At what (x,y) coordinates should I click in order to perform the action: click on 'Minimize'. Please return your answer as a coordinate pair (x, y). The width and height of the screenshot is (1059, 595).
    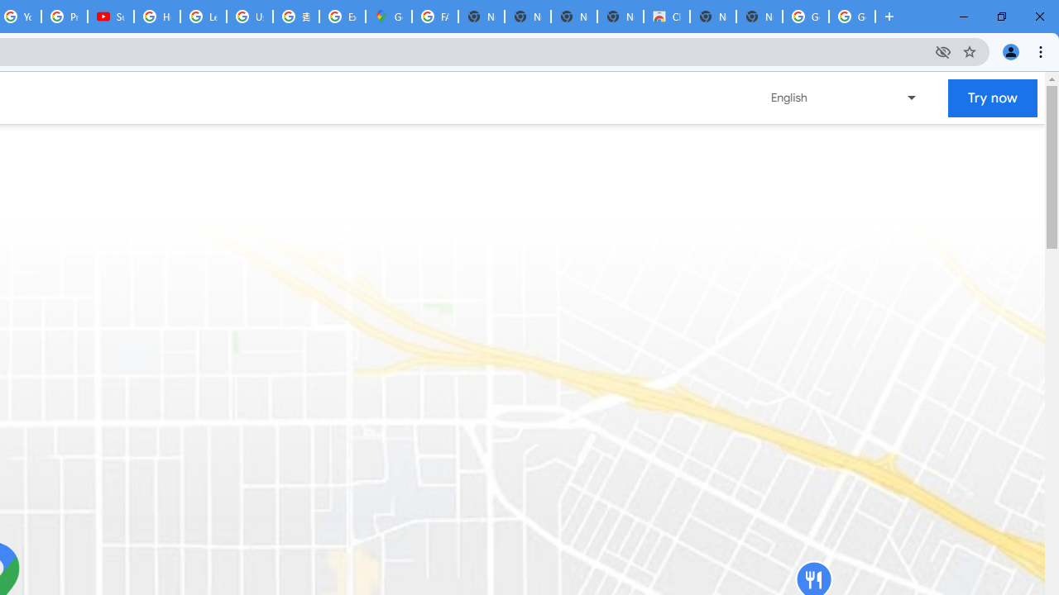
    Looking at the image, I should click on (964, 17).